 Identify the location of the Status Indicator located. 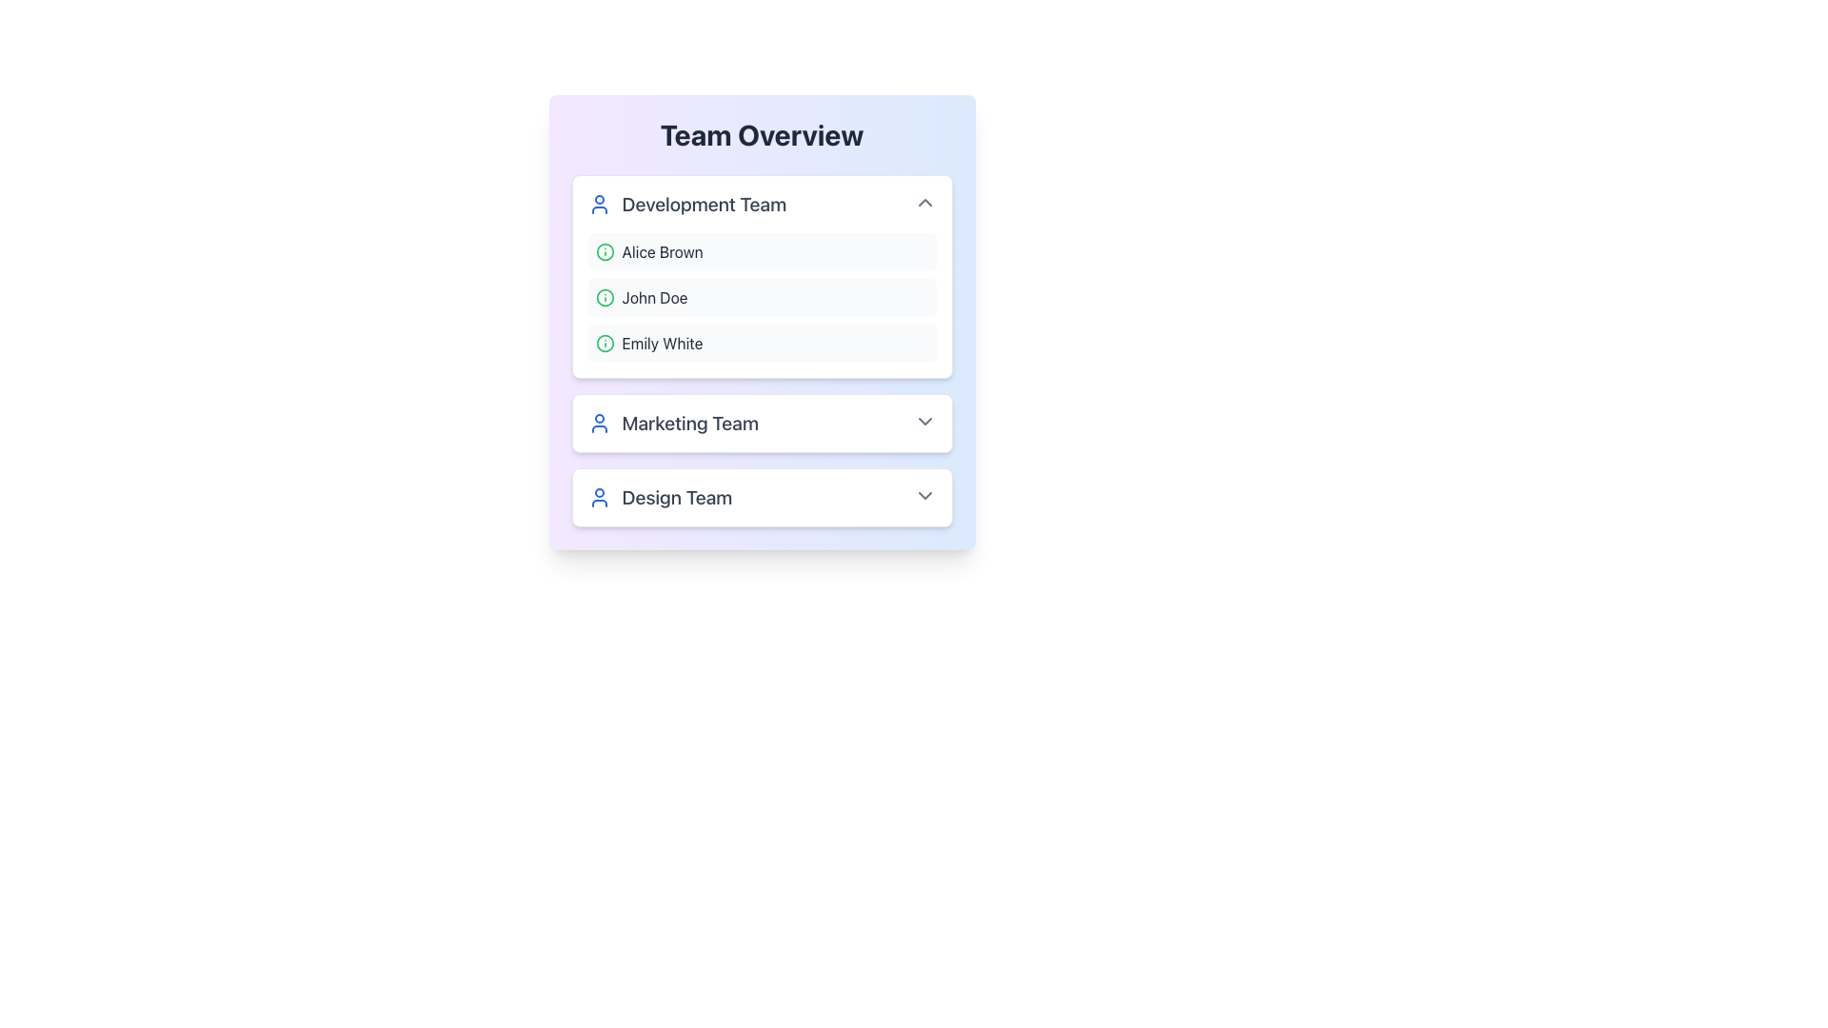
(604, 297).